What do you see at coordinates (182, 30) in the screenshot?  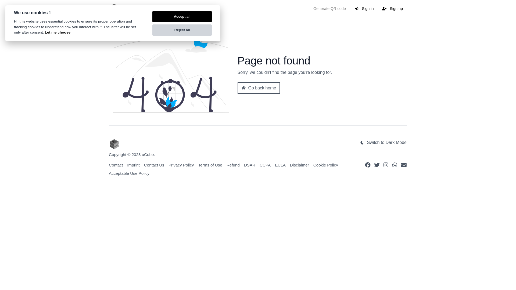 I see `'Reject all'` at bounding box center [182, 30].